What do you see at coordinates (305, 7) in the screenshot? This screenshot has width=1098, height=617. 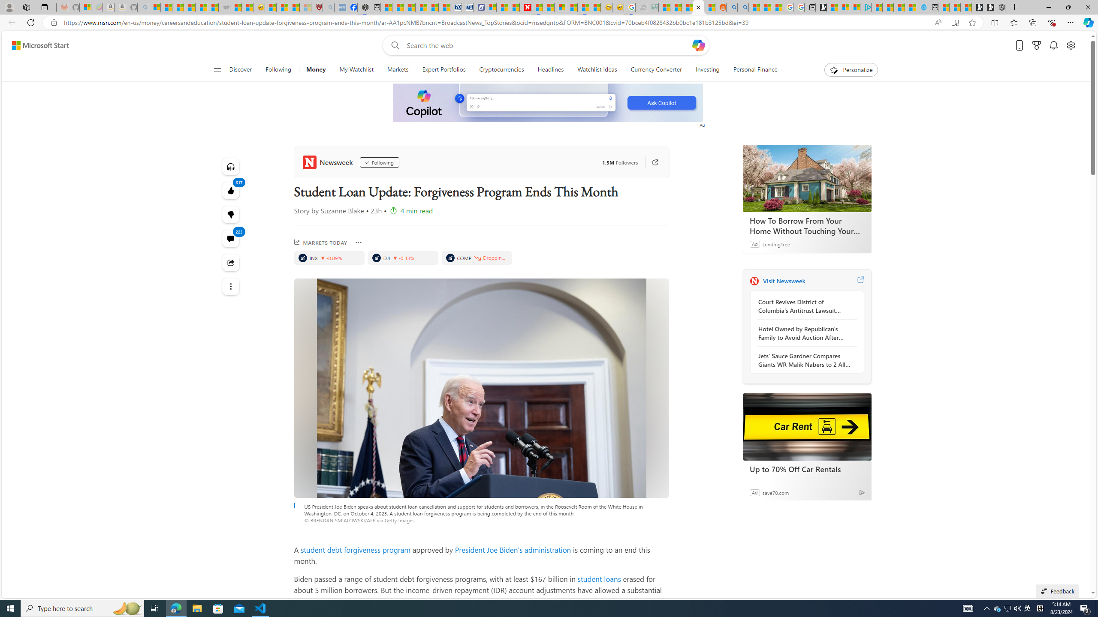 I see `'12 Popular Science Lies that Must be Corrected - Sleeping'` at bounding box center [305, 7].